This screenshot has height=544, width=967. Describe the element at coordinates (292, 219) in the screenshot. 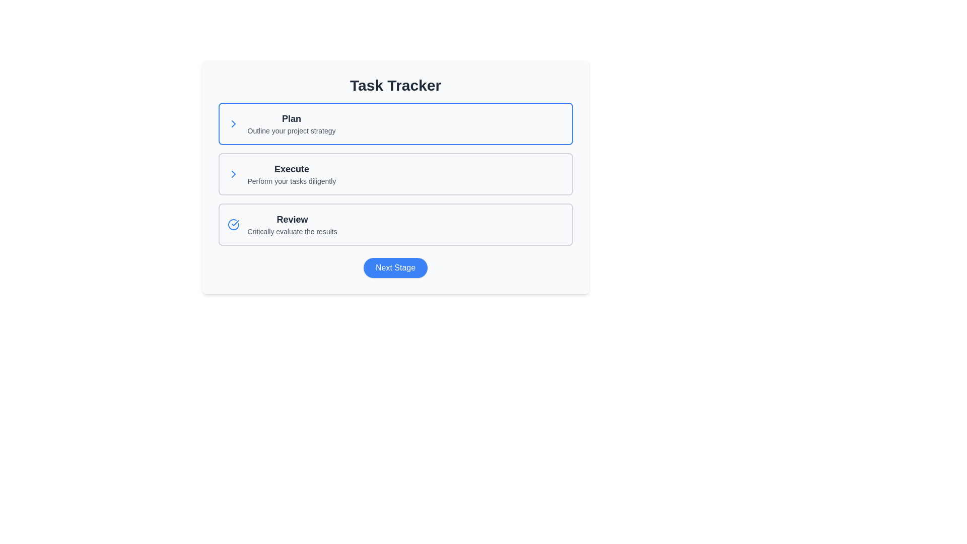

I see `the Text Label that serves as a title or heading for the section, located in the lower part of the layout, under the sections labelled 'Plan' and 'Execute'` at that location.